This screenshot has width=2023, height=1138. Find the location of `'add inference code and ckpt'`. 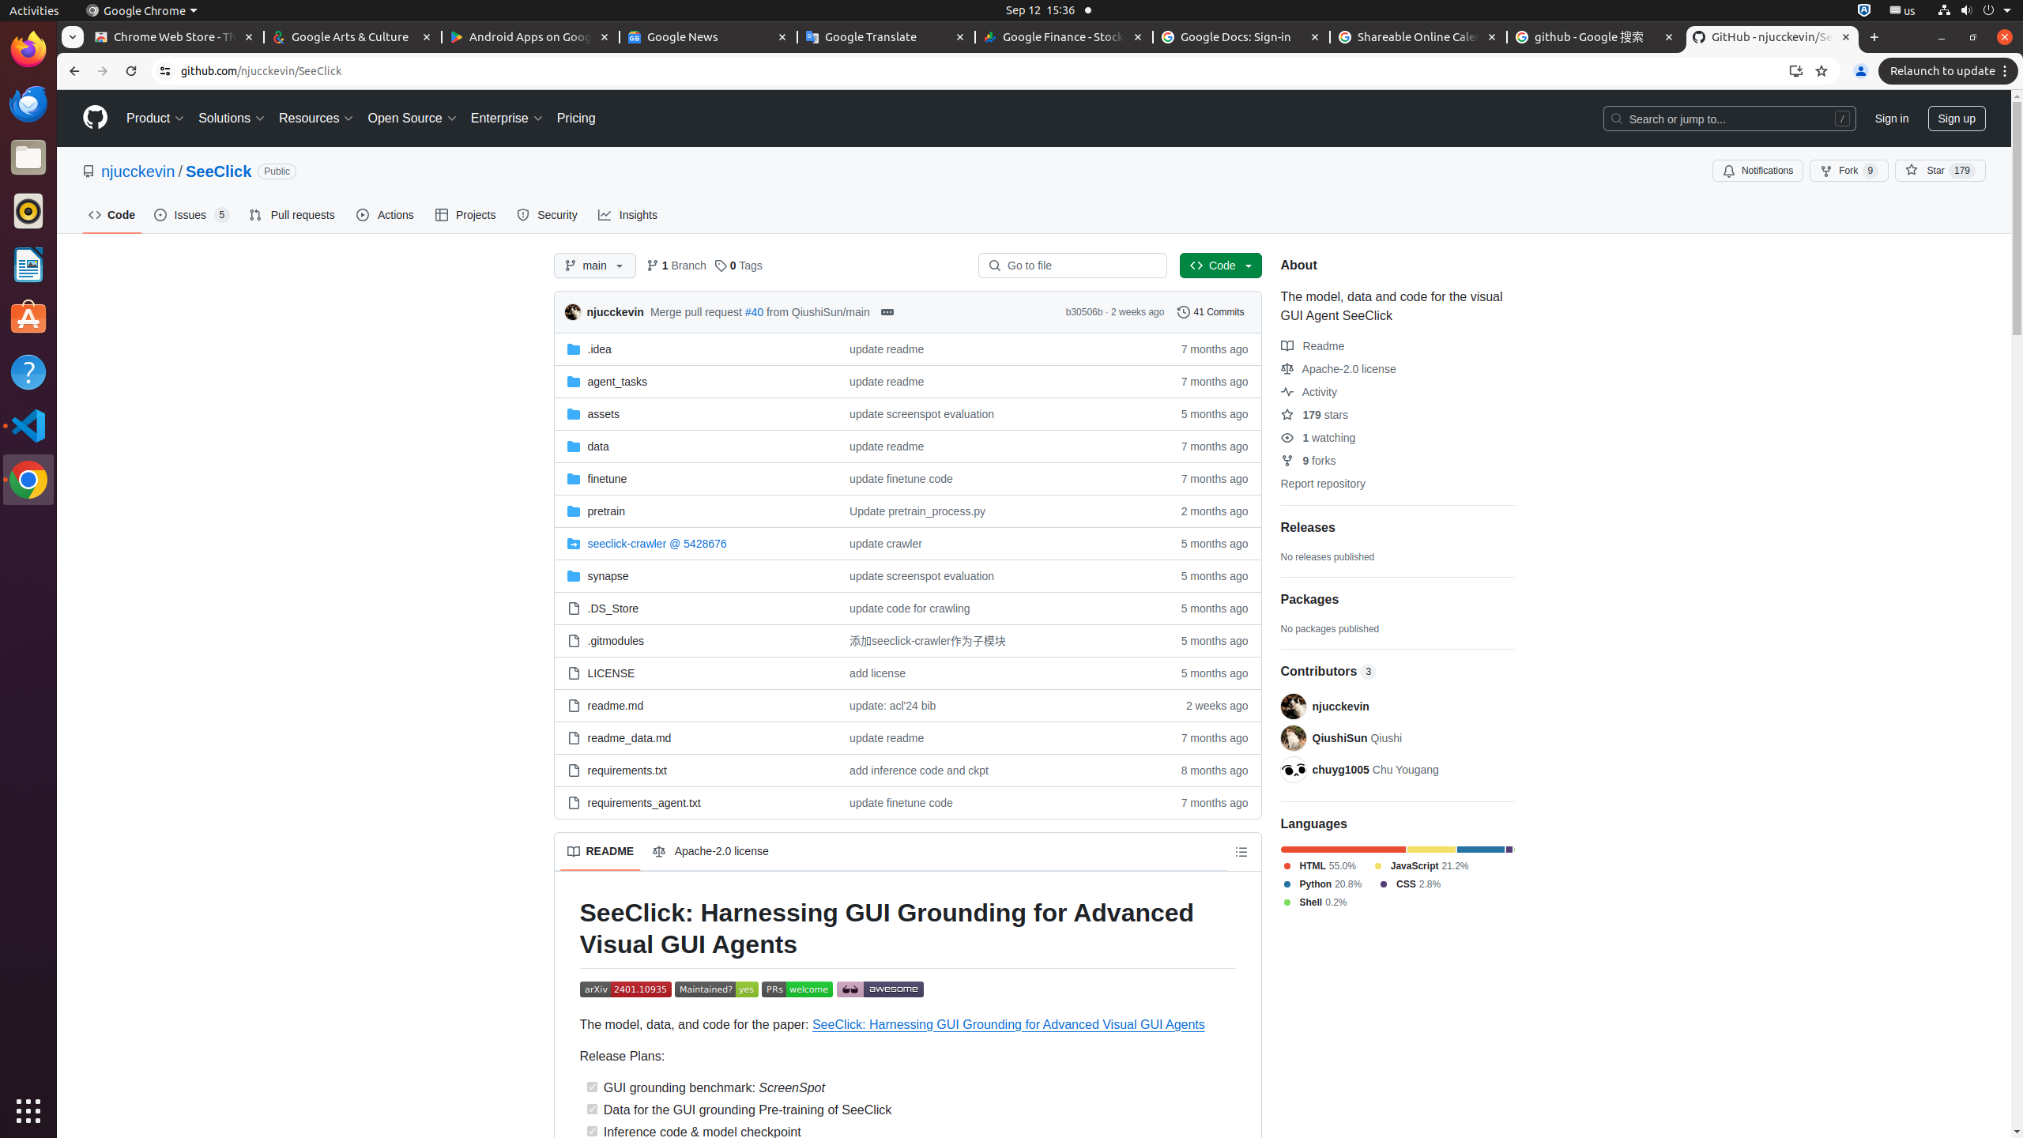

'add inference code and ckpt' is located at coordinates (918, 769).